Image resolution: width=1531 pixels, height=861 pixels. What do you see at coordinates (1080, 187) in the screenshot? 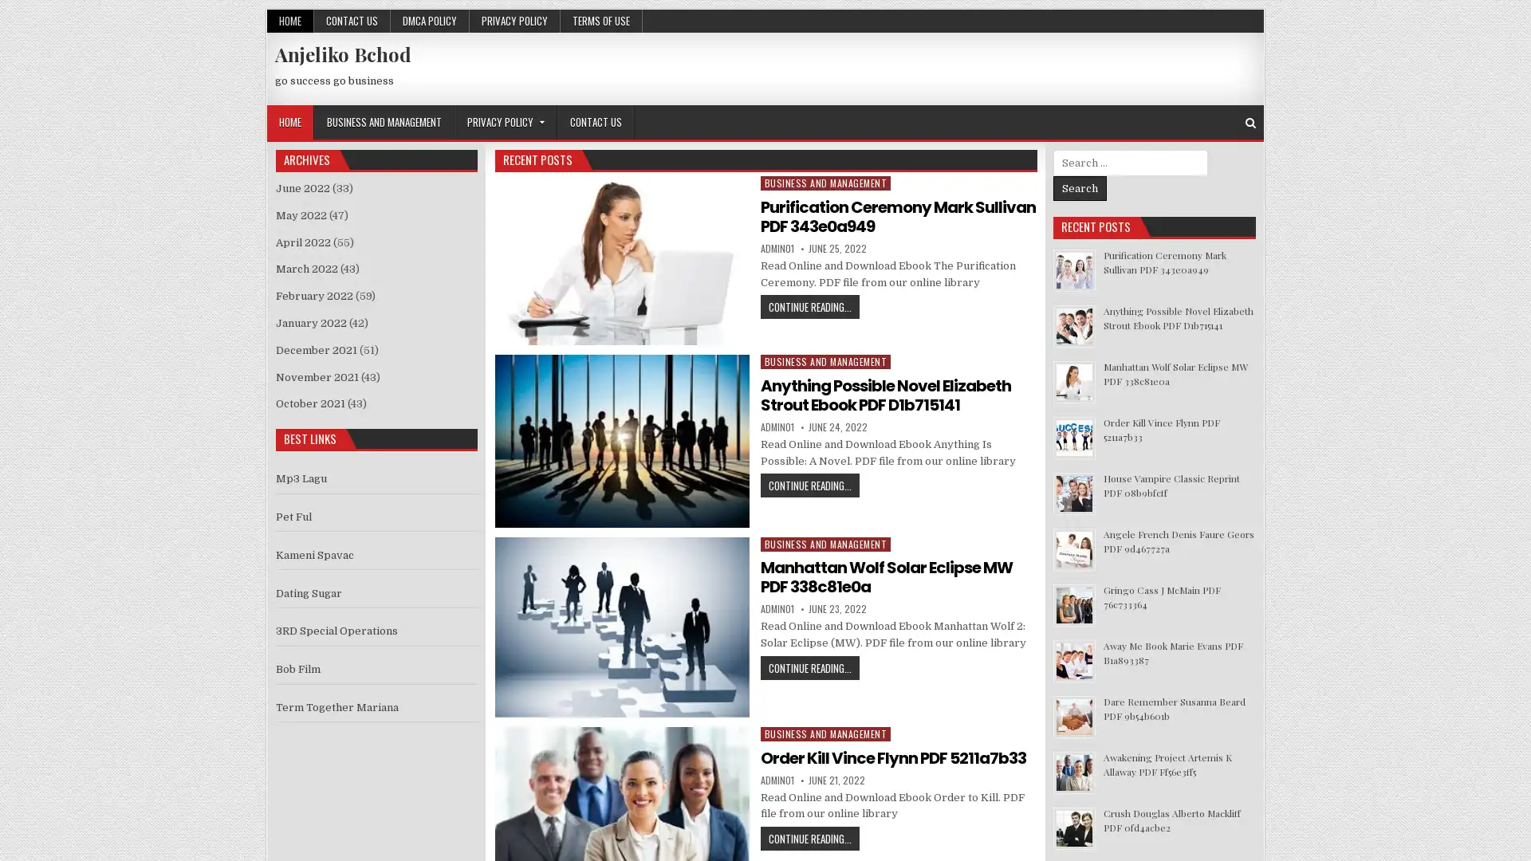
I see `Search` at bounding box center [1080, 187].